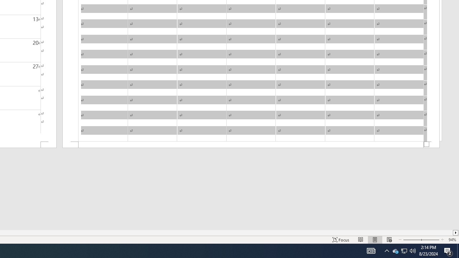 The height and width of the screenshot is (258, 459). I want to click on 'Print Layout', so click(375, 240).